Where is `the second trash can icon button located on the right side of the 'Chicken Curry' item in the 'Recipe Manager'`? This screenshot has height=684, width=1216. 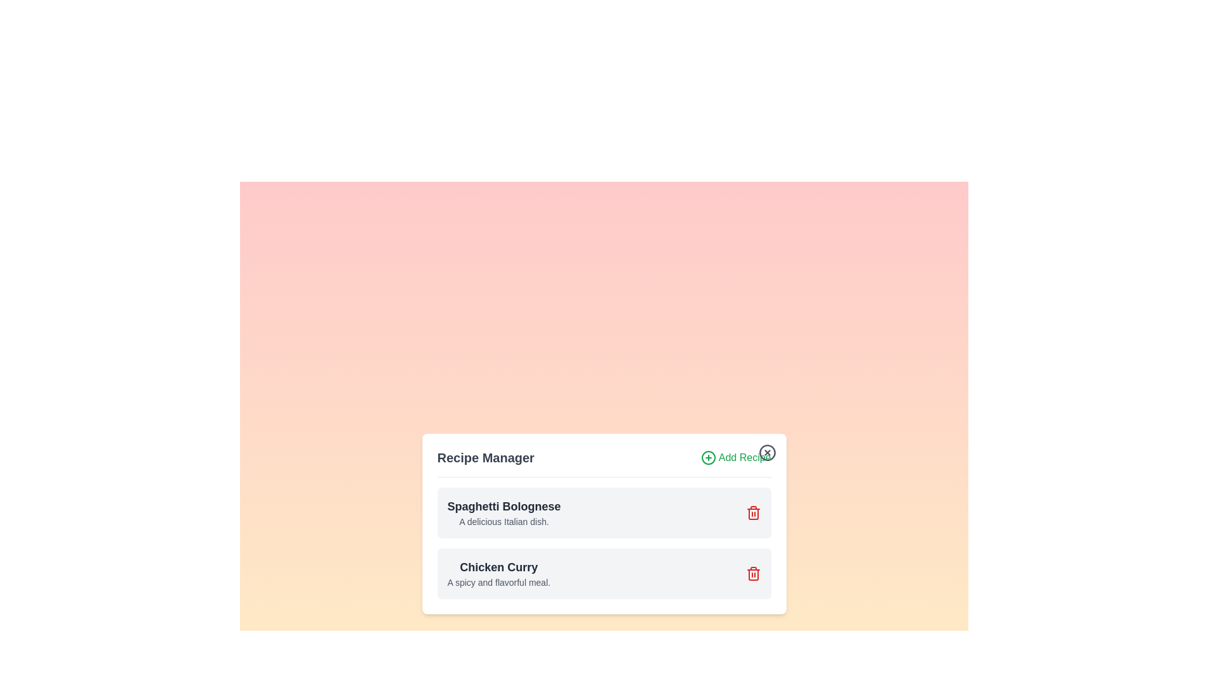
the second trash can icon button located on the right side of the 'Chicken Curry' item in the 'Recipe Manager' is located at coordinates (753, 573).